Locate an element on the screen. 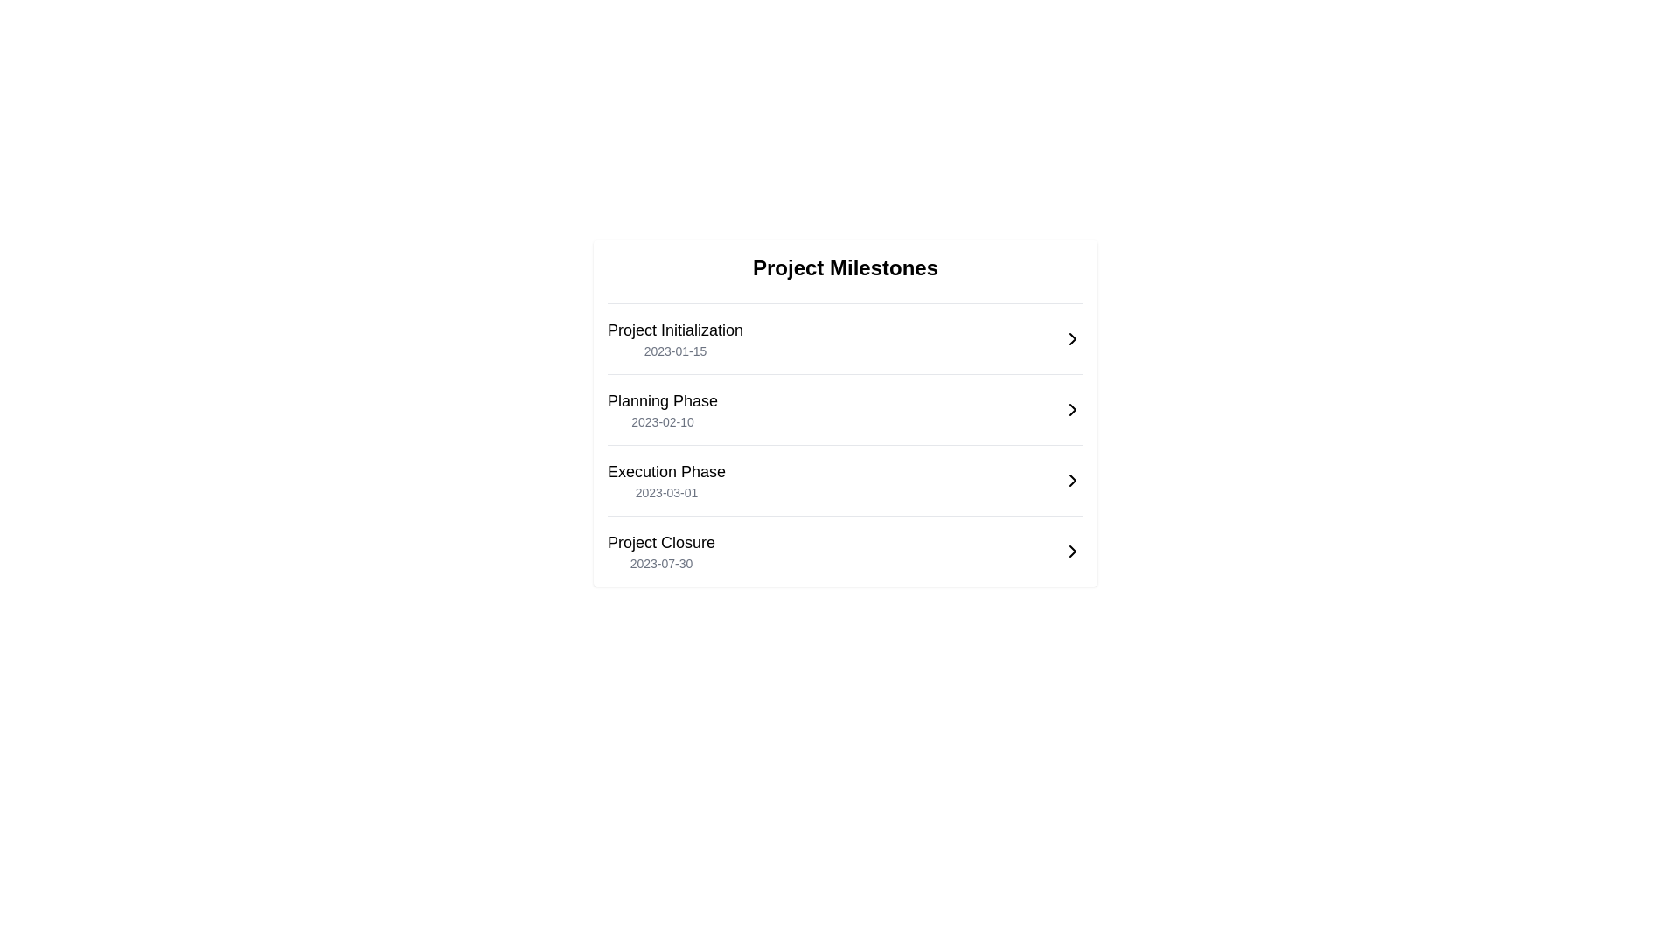 This screenshot has height=944, width=1679. value displayed in the text element that shows the date for the 'Planning Phase' milestone, which is located just below the 'Planning Phase' text in the project milestones list is located at coordinates (662, 421).